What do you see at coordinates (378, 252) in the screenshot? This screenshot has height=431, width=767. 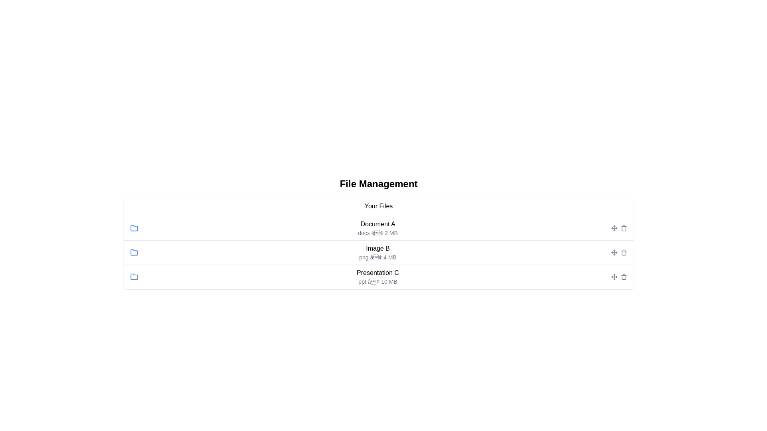 I see `the list item labeled 'Image B' which contains details 'png' and '4 MB' in the 'Your Files' section` at bounding box center [378, 252].